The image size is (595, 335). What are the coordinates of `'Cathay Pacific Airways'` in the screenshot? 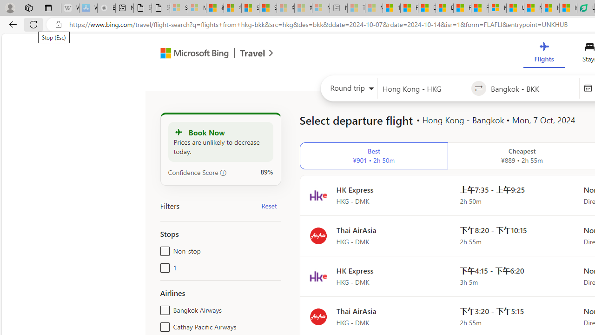 It's located at (163, 325).